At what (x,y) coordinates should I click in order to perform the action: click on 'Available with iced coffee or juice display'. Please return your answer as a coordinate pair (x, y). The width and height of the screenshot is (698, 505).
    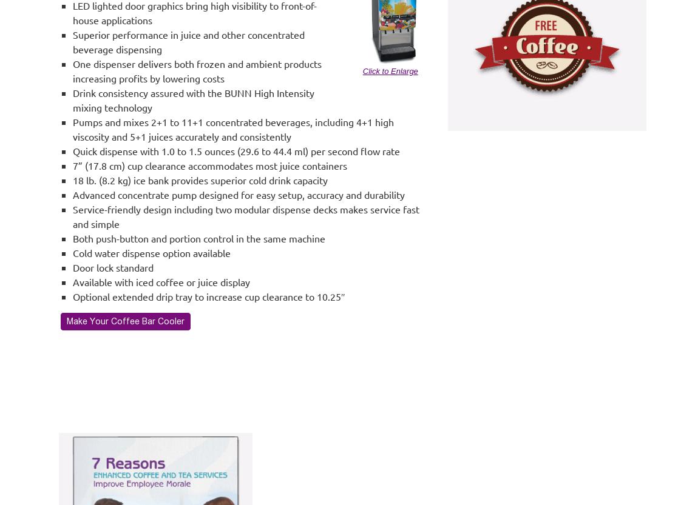
    Looking at the image, I should click on (160, 281).